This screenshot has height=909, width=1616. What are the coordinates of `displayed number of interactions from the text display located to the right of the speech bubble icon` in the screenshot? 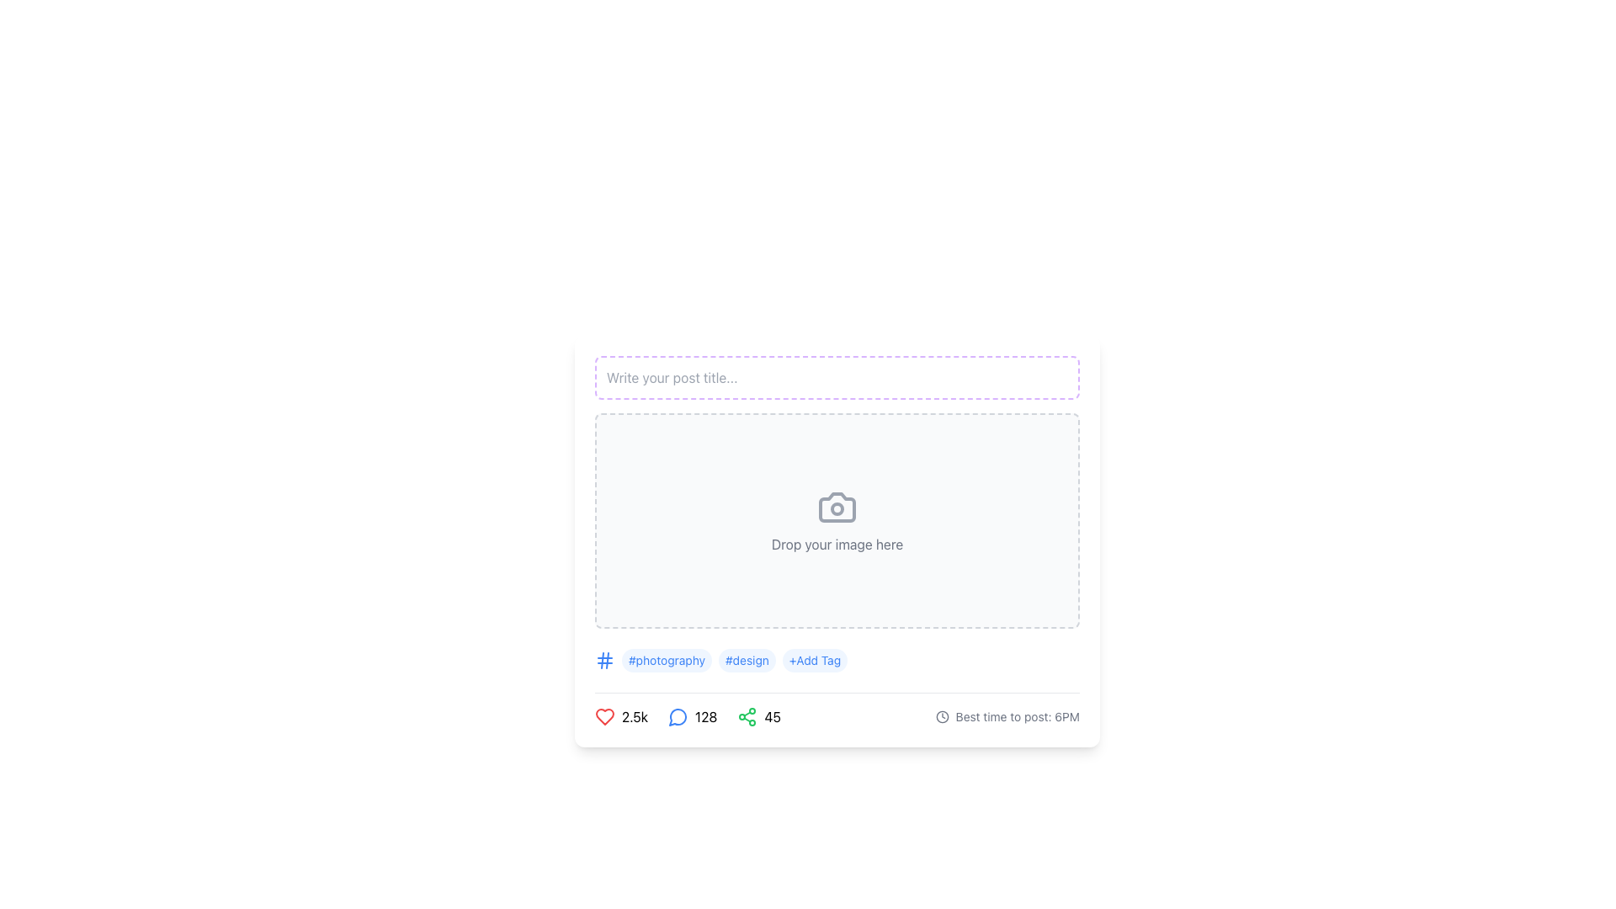 It's located at (706, 717).